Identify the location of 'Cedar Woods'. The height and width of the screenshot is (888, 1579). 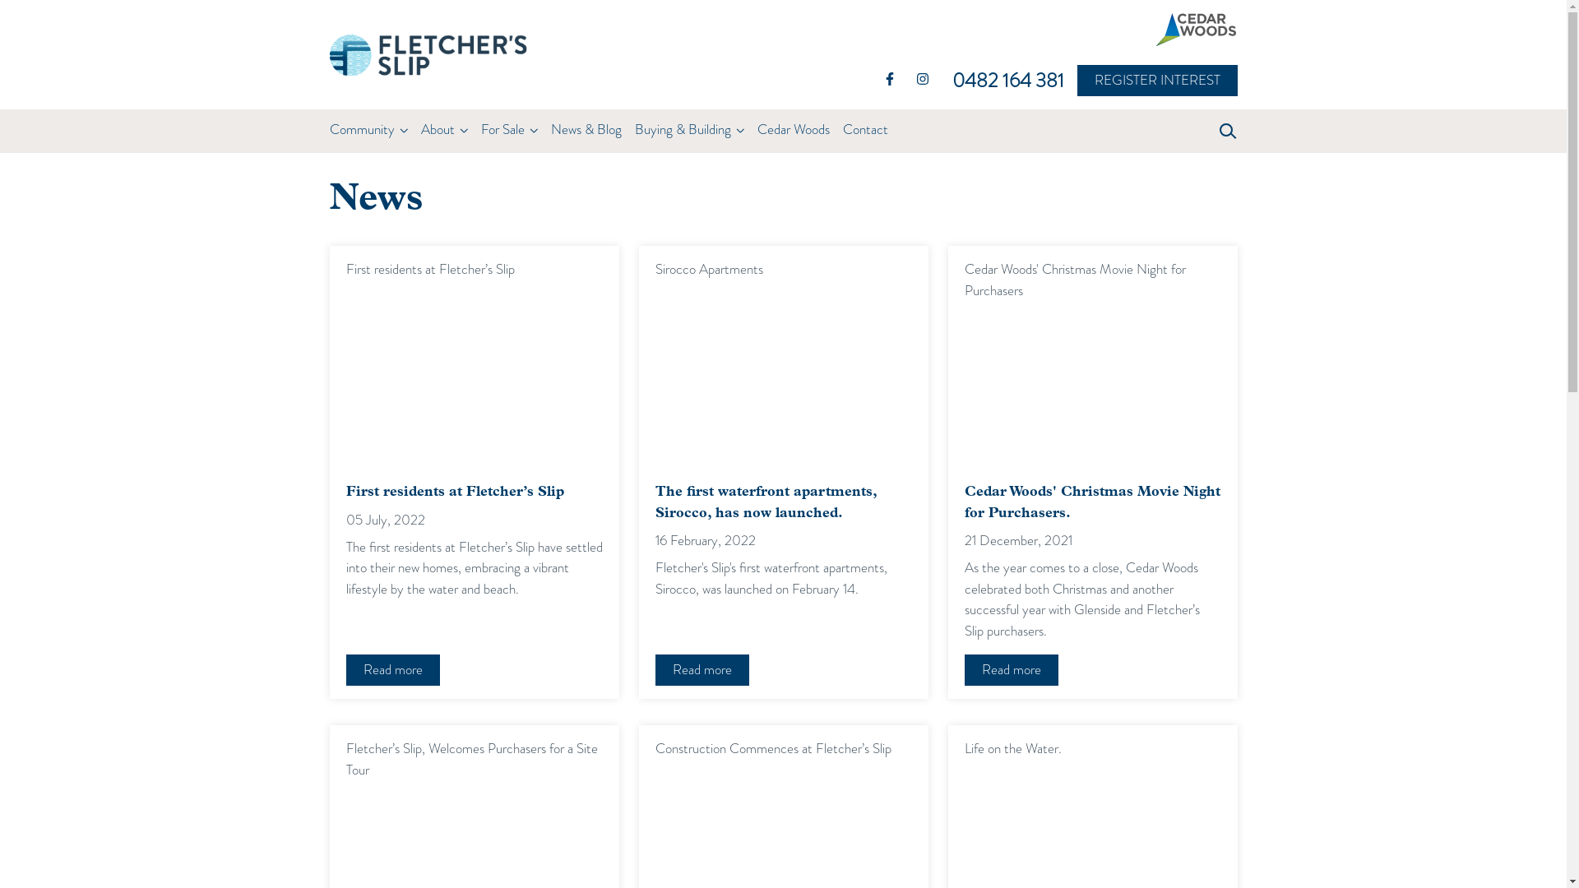
(793, 129).